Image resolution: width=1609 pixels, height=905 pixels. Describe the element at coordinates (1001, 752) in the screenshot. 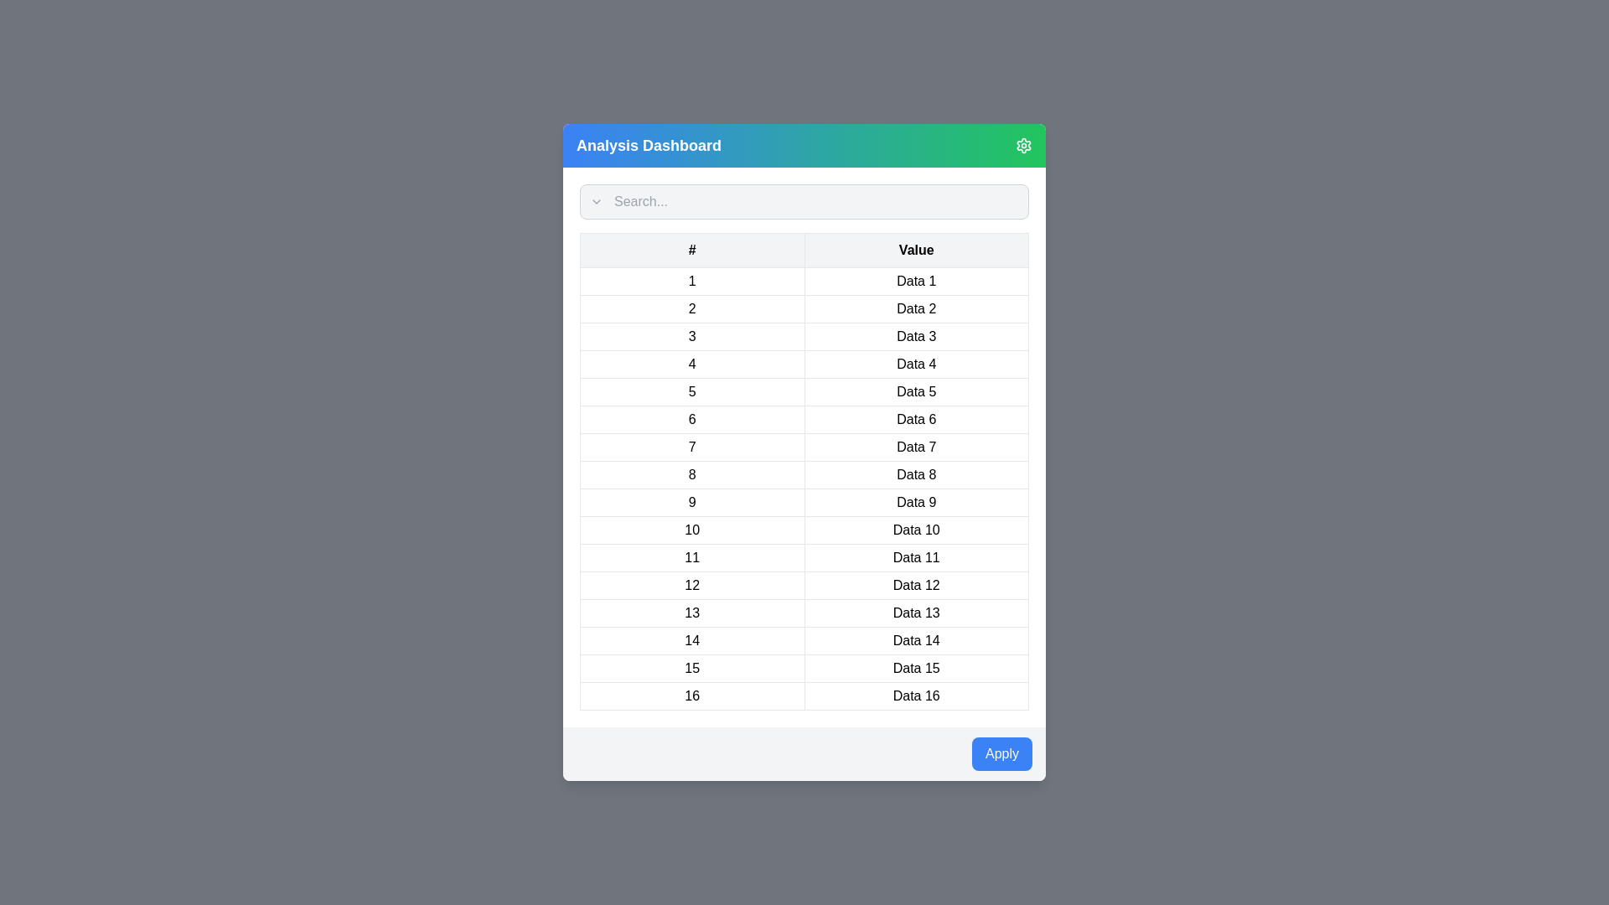

I see `the 'Apply' button to confirm changes` at that location.